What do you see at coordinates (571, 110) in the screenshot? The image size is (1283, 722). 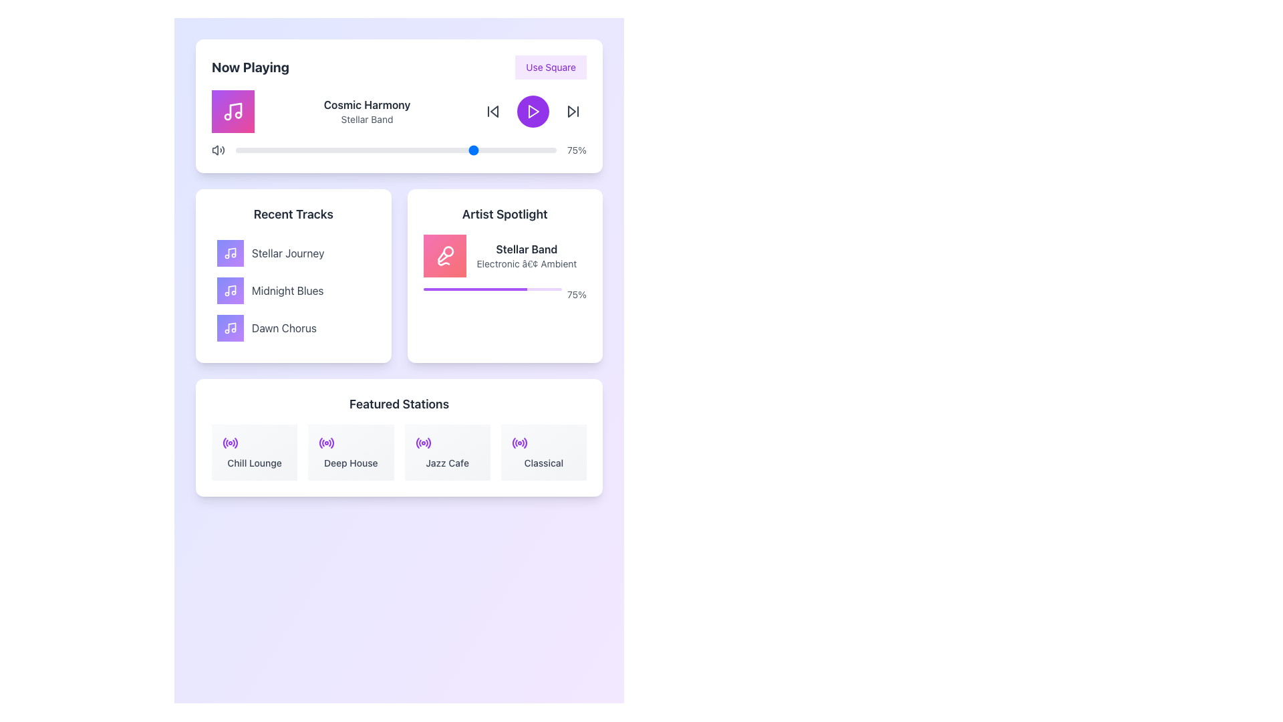 I see `the media playback icon located in the top-right area of the 'Now Playing' panel` at bounding box center [571, 110].